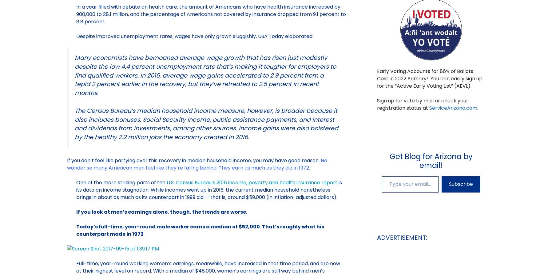 Image resolution: width=552 pixels, height=275 pixels. What do you see at coordinates (401, 237) in the screenshot?
I see `'Advertisement:'` at bounding box center [401, 237].